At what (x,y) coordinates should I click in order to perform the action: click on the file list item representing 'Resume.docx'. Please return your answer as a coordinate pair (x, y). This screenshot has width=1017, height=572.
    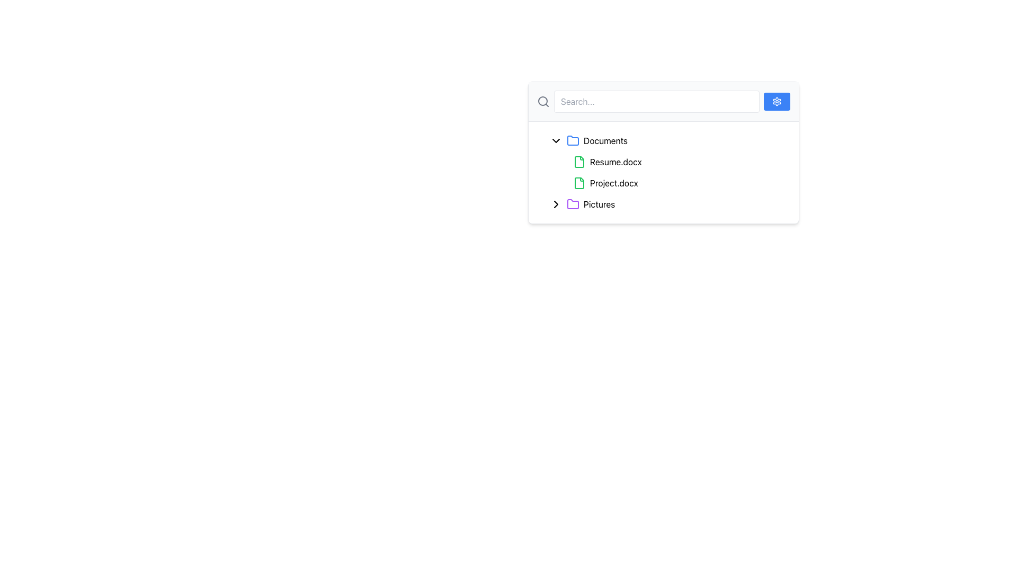
    Looking at the image, I should click on (667, 162).